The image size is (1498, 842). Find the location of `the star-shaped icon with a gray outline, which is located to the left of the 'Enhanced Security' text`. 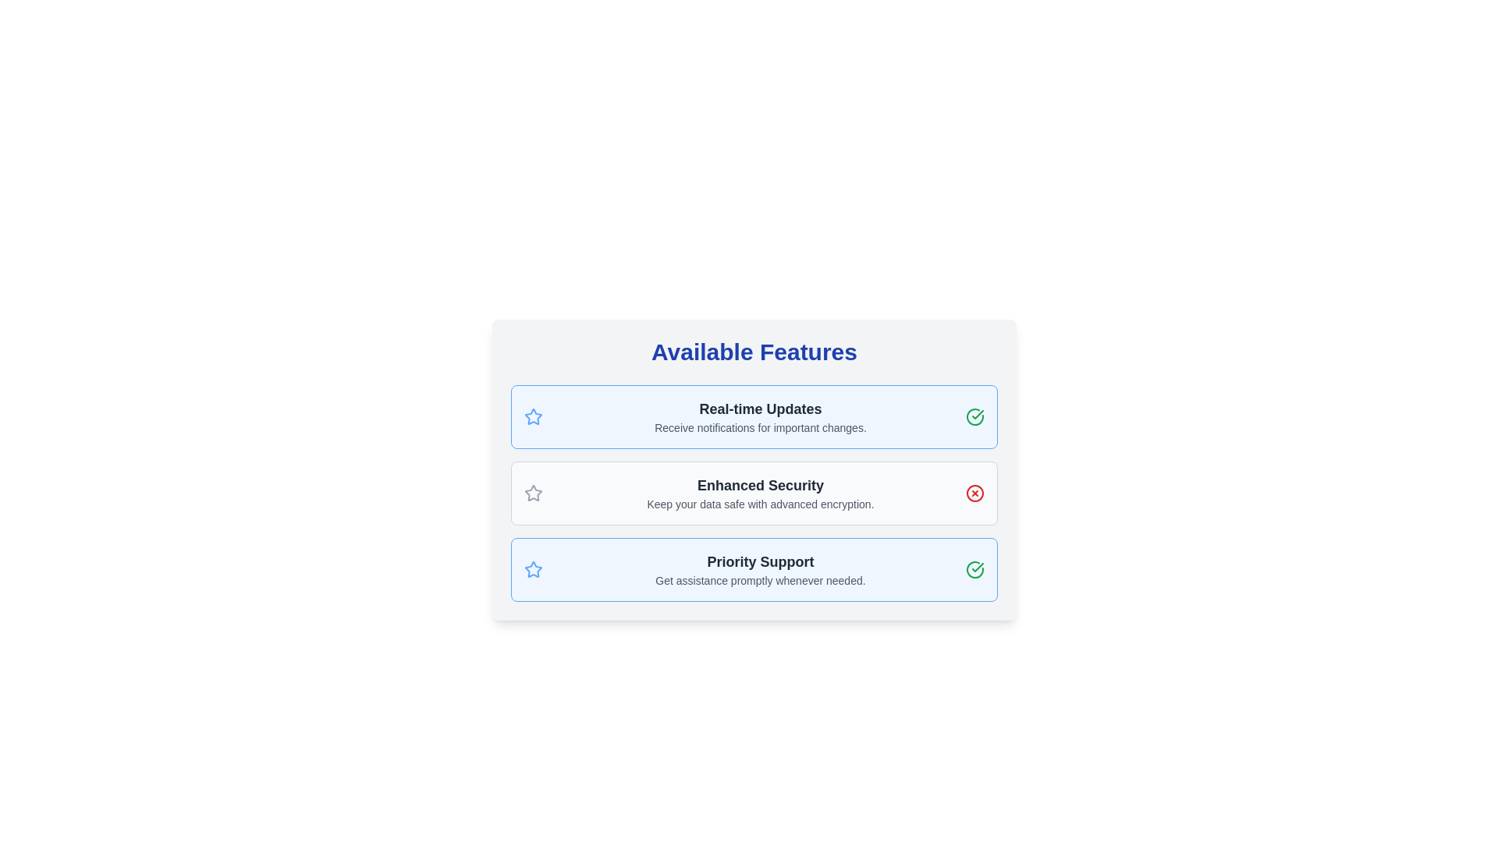

the star-shaped icon with a gray outline, which is located to the left of the 'Enhanced Security' text is located at coordinates (534, 493).